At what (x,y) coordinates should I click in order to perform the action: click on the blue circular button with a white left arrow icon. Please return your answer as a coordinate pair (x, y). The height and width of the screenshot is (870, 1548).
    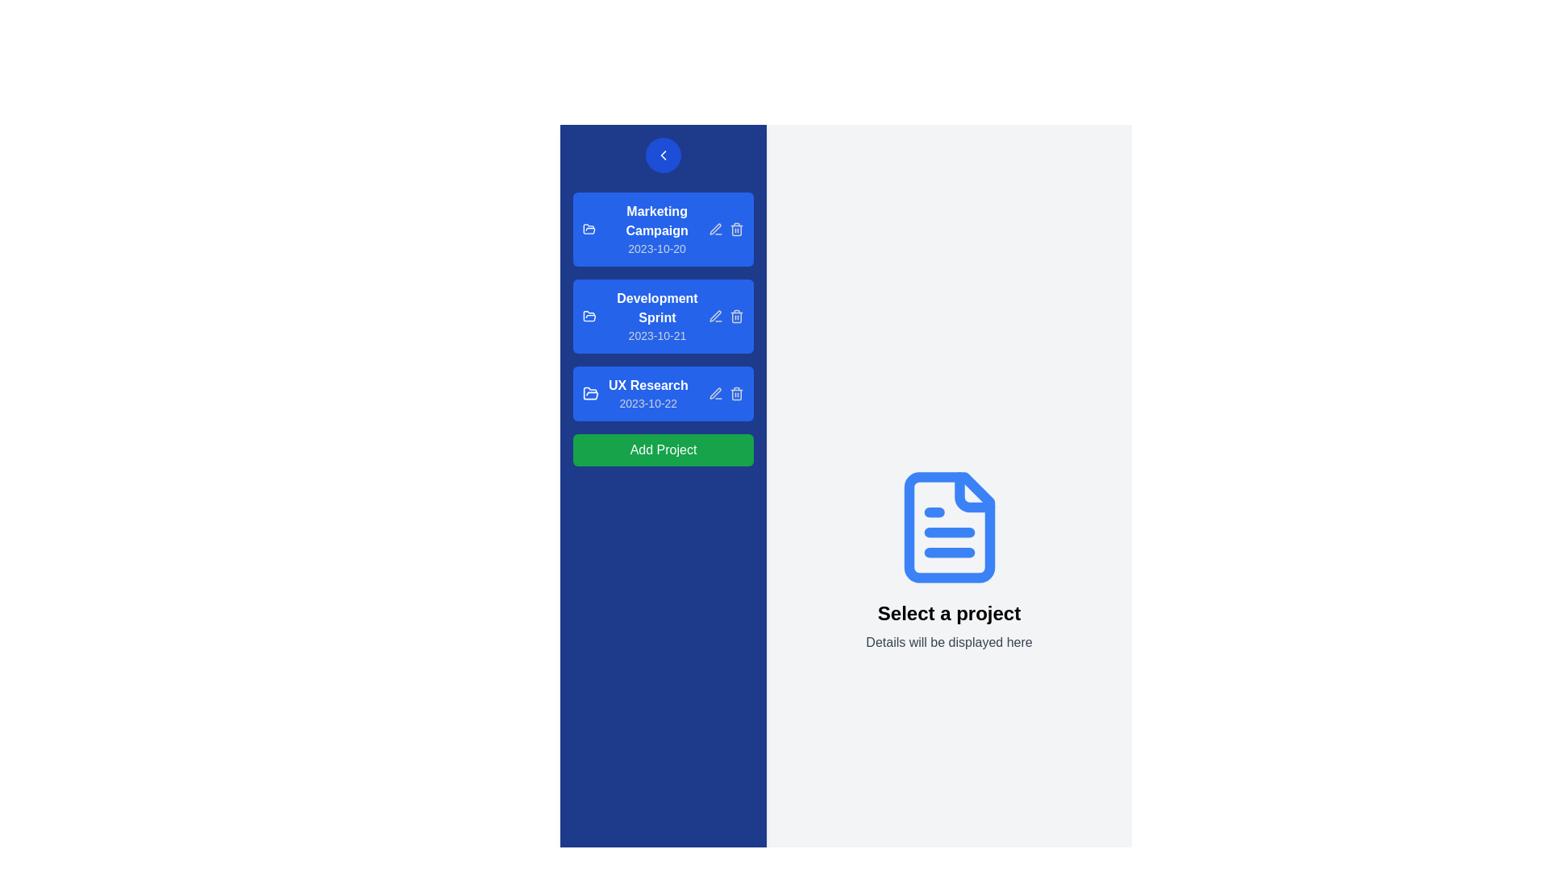
    Looking at the image, I should click on (663, 155).